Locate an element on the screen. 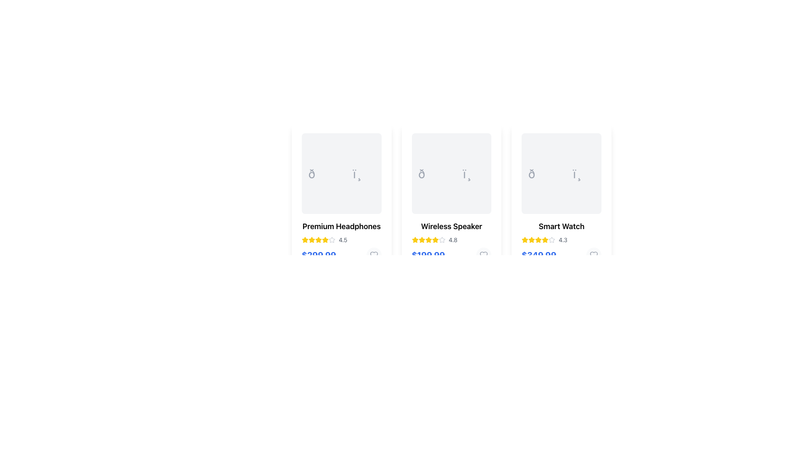 The width and height of the screenshot is (807, 454). the star icon representing the rating value for the 'Smart Watch' product located in the center-right section of the third product card is located at coordinates (545, 240).